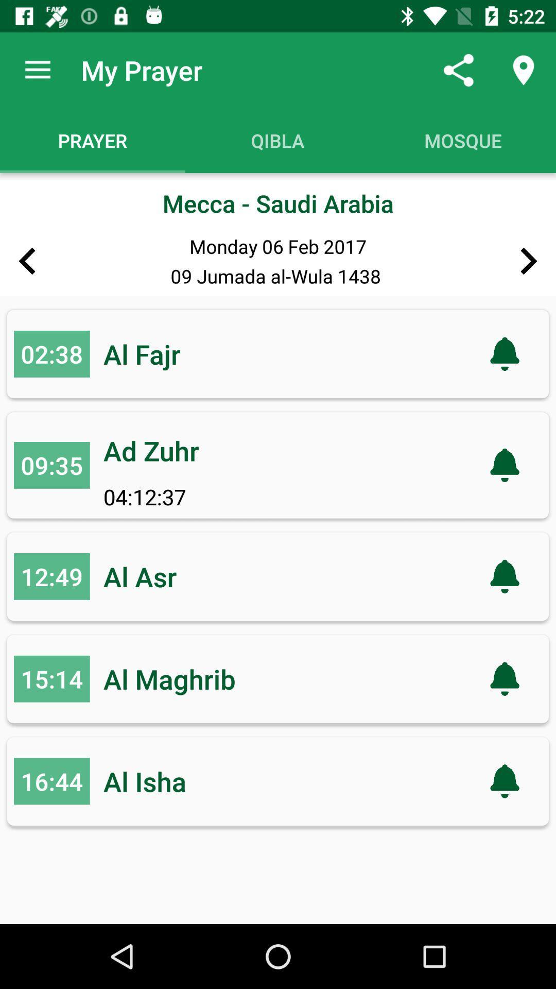 The height and width of the screenshot is (989, 556). What do you see at coordinates (51, 781) in the screenshot?
I see `the item to the left of al isha` at bounding box center [51, 781].